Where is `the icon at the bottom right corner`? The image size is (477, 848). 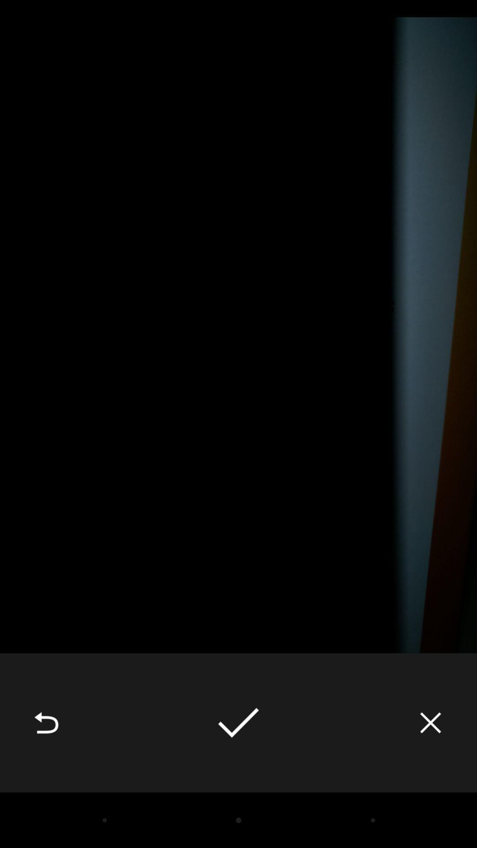
the icon at the bottom right corner is located at coordinates (430, 723).